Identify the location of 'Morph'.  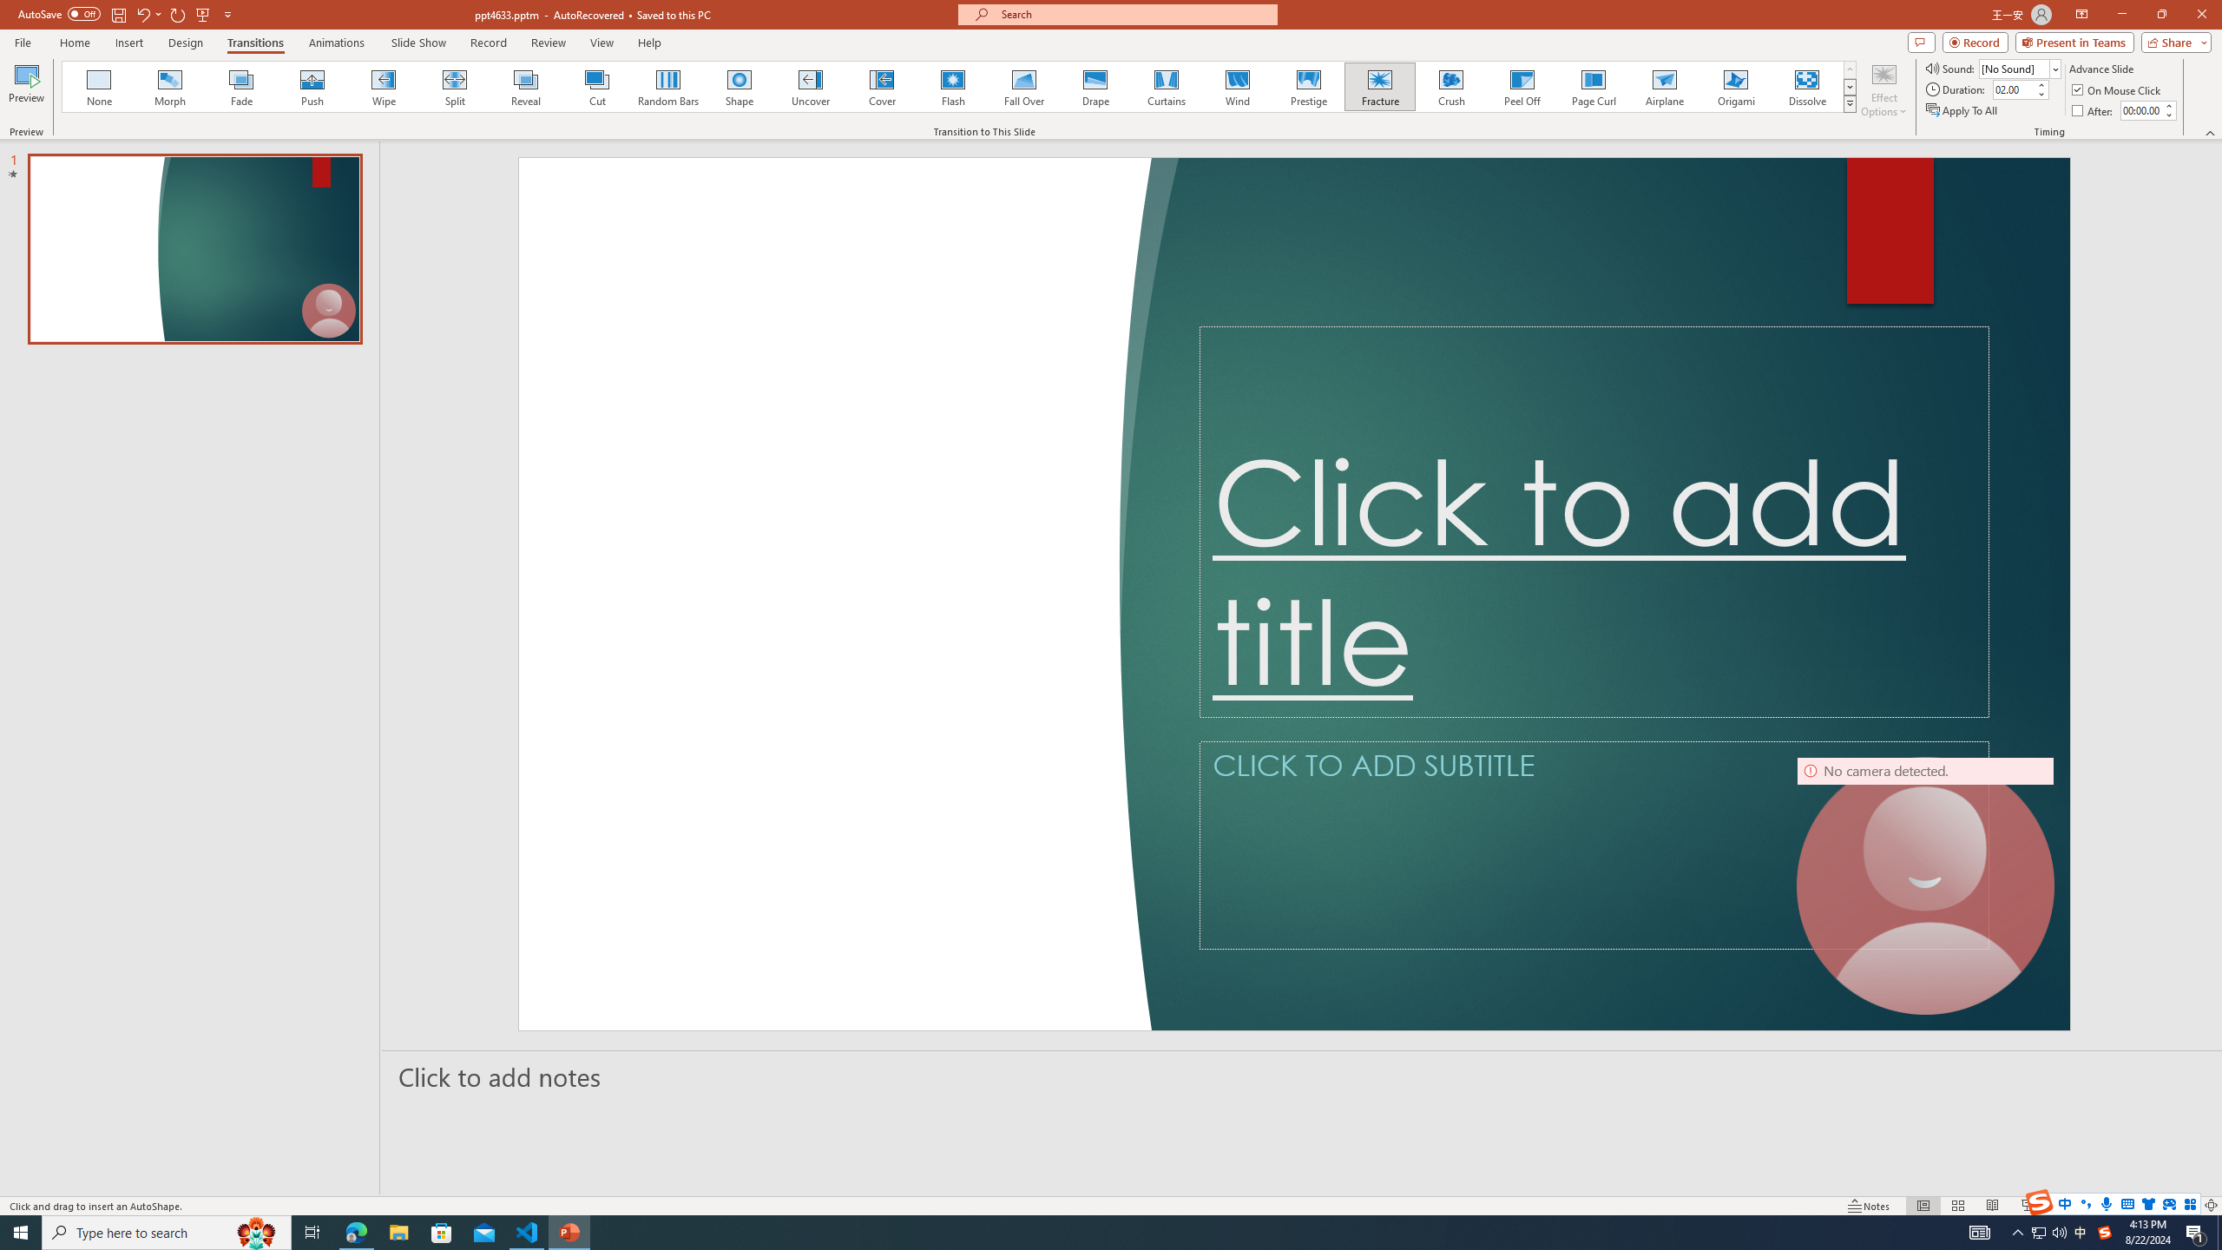
(170, 86).